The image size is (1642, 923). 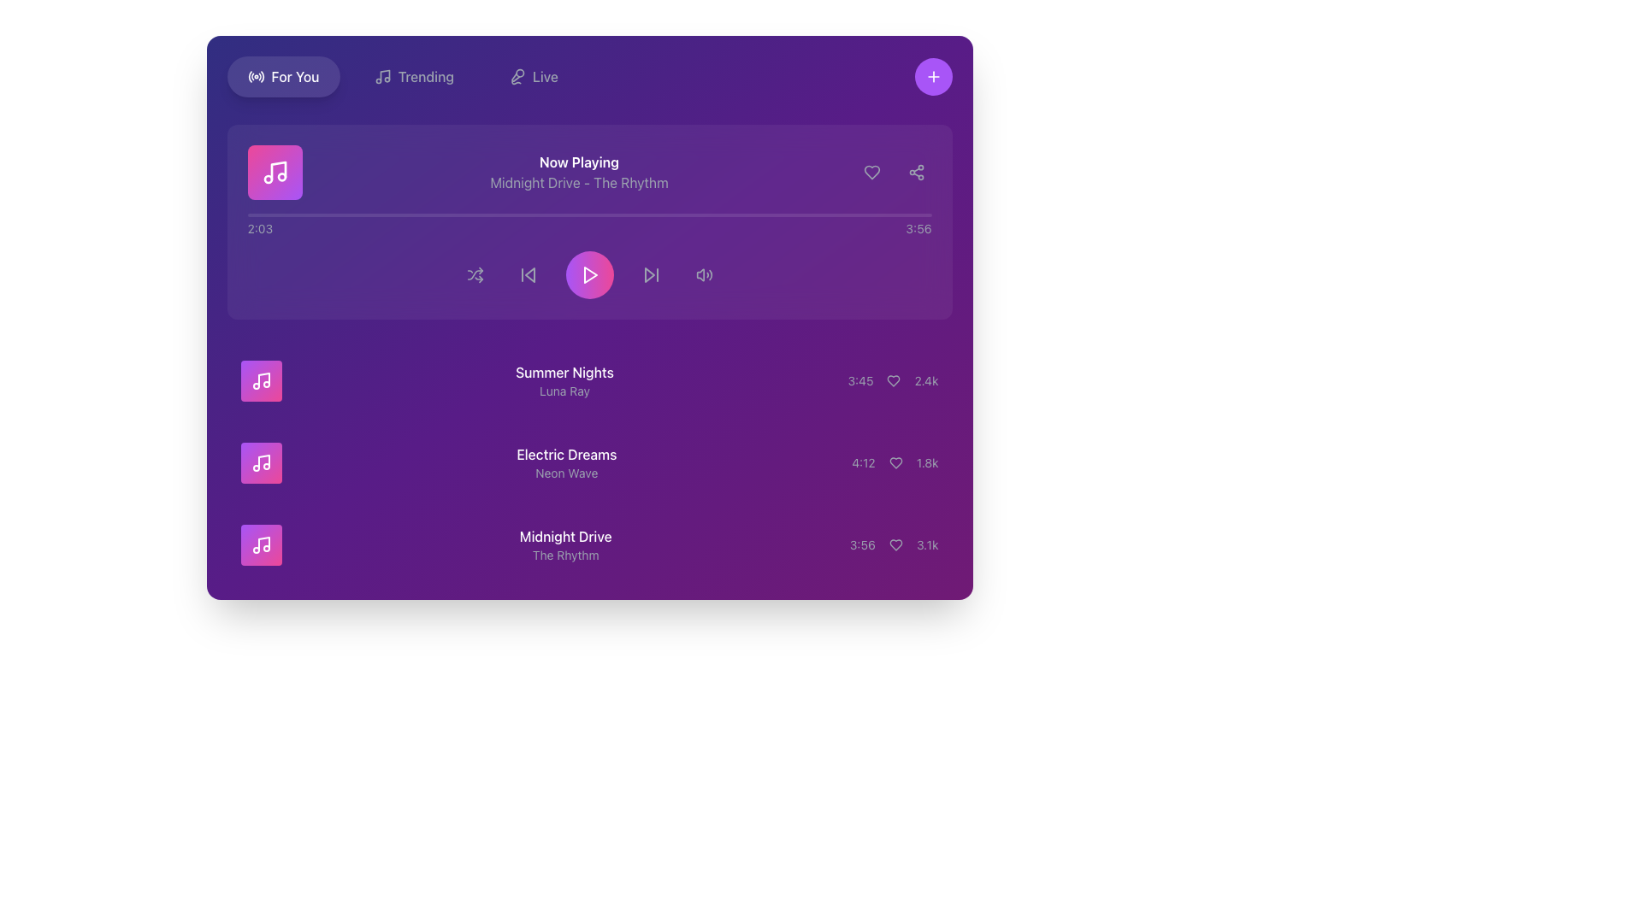 I want to click on the speaker icon button at the bottom-right of the 'Now Playing' section, so click(x=704, y=273).